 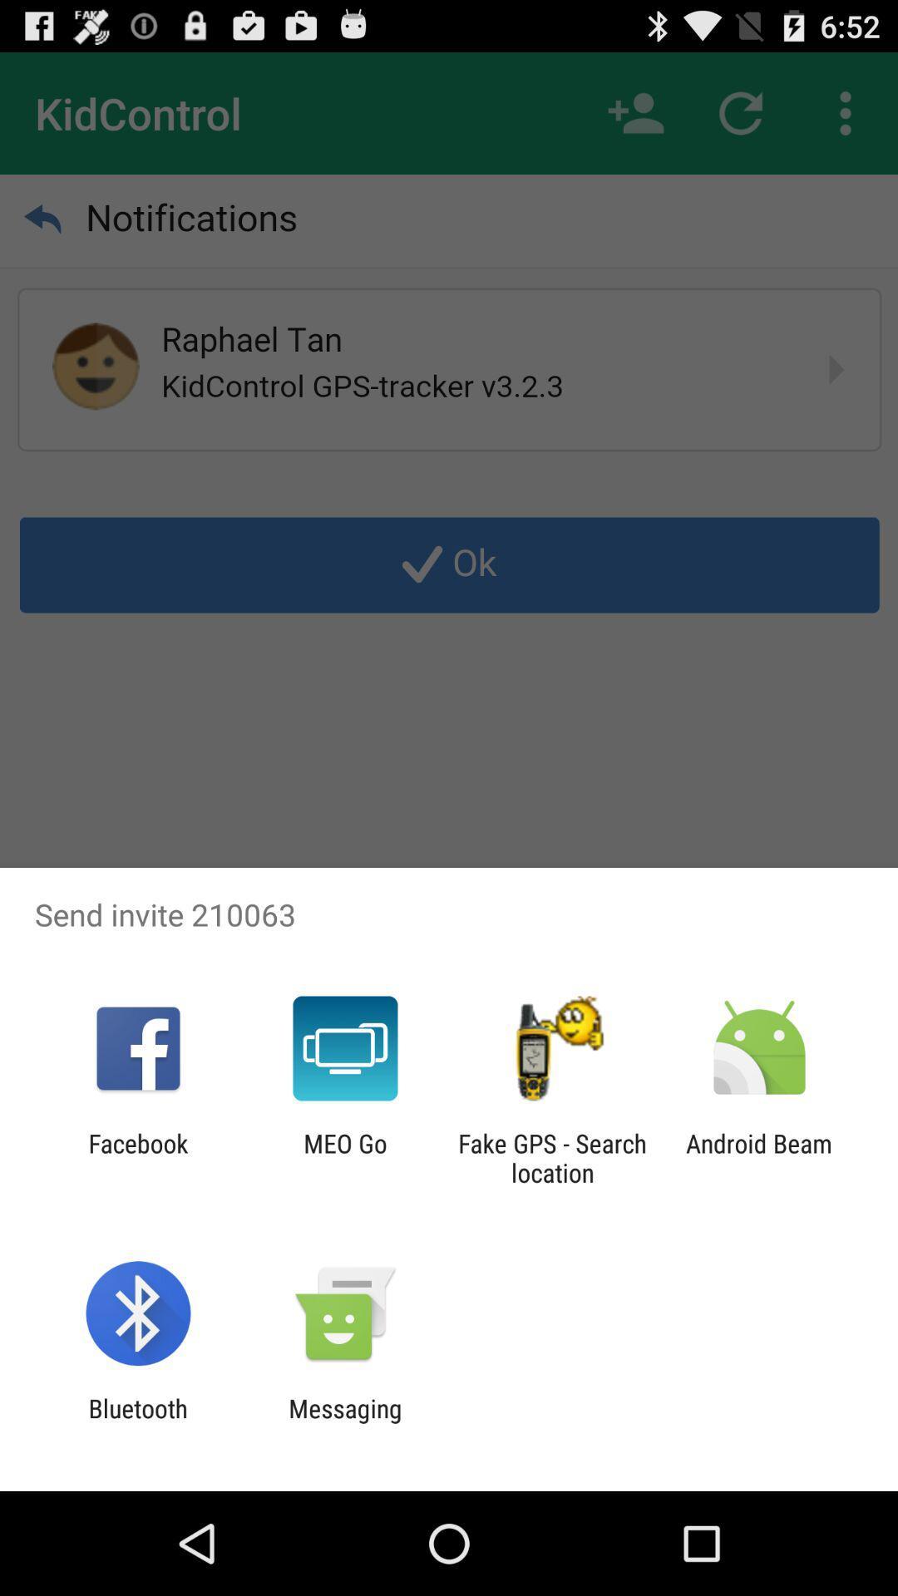 What do you see at coordinates (344, 1422) in the screenshot?
I see `the messaging` at bounding box center [344, 1422].